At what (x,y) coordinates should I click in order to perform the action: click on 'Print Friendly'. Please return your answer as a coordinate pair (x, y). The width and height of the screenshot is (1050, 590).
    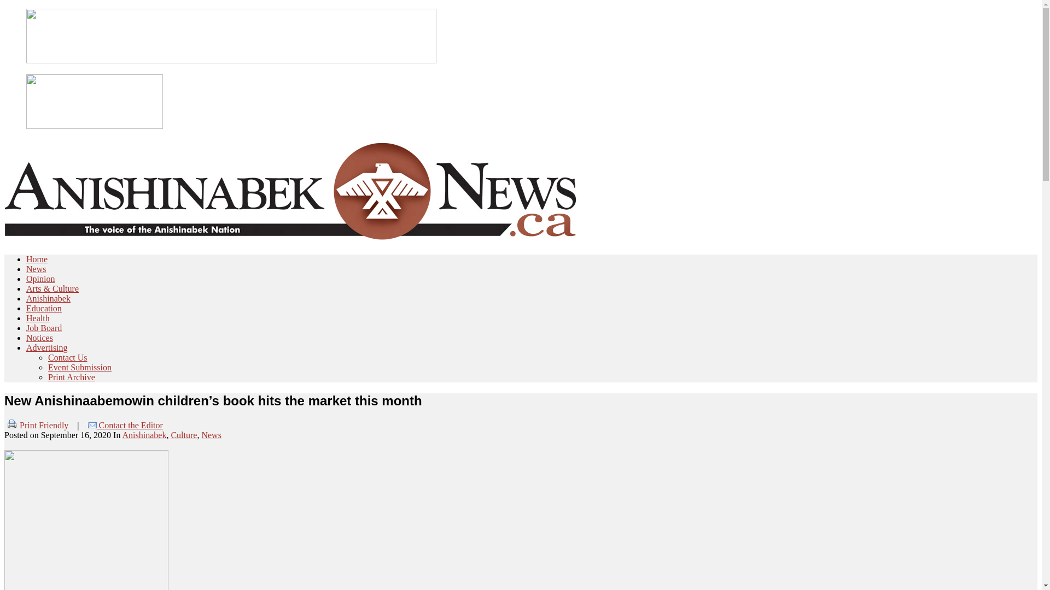
    Looking at the image, I should click on (36, 424).